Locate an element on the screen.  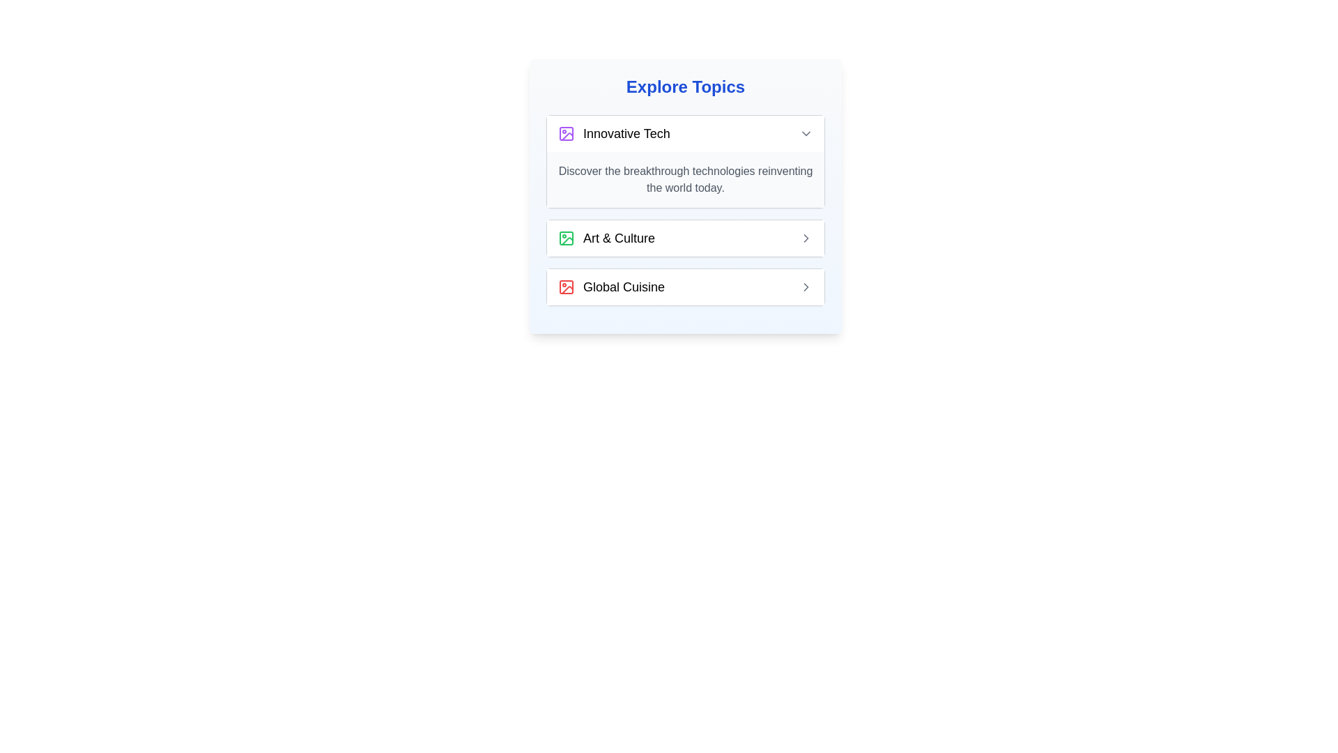
the purple icon resembling an image outline, which is the first element in the row with the text 'Innovative Tech', located to the left of this text is located at coordinates (566, 134).